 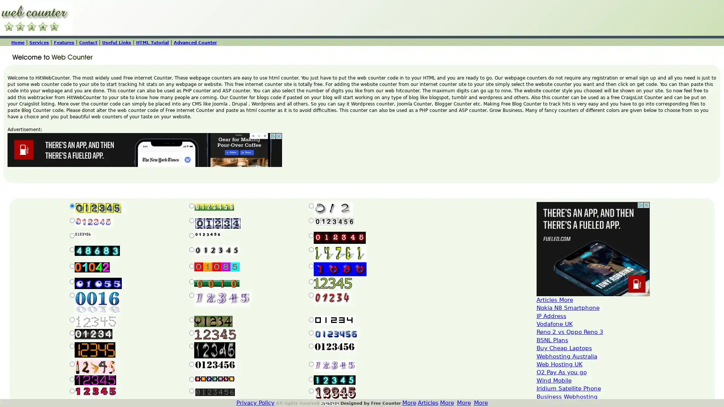 What do you see at coordinates (333, 320) in the screenshot?
I see `Submit` at bounding box center [333, 320].